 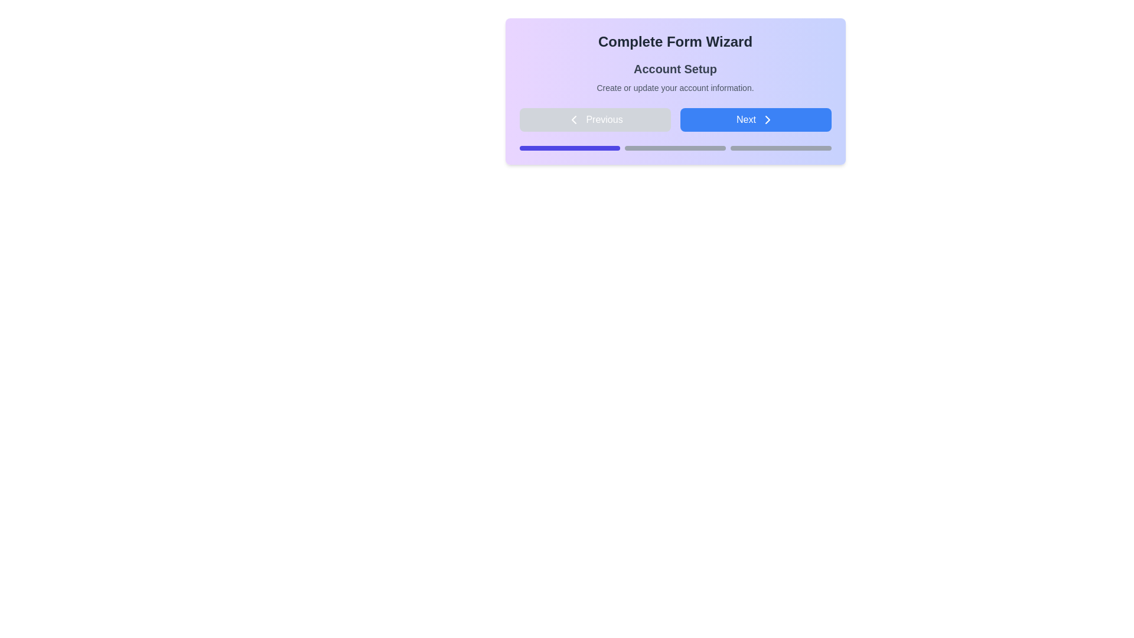 I want to click on the rightward-pointing chevron icon within the 'Next' button at the bottom of the modal dialog box to signify progression or advancement, so click(x=768, y=120).